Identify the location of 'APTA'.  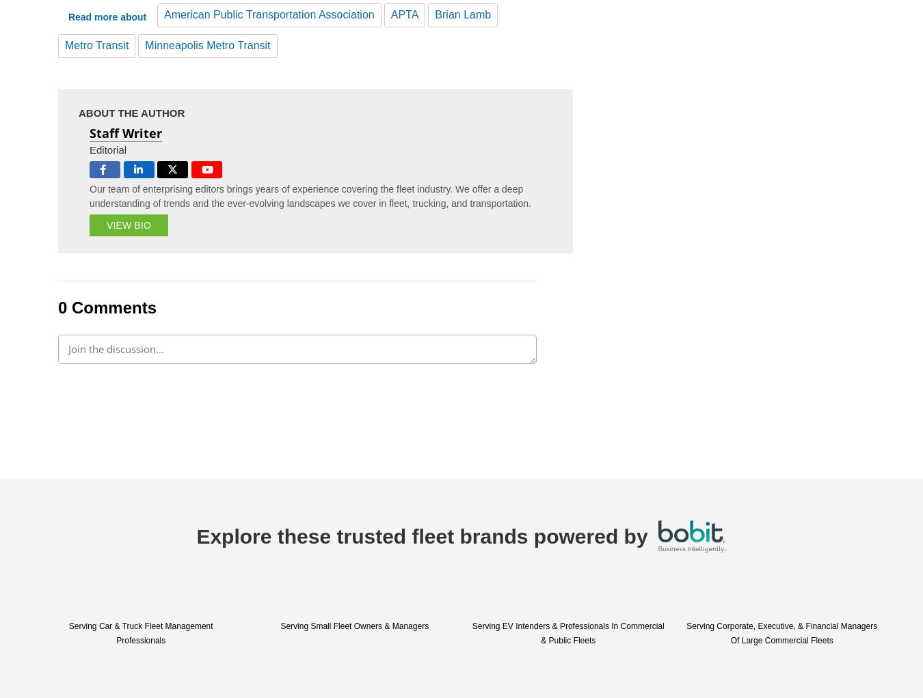
(404, 13).